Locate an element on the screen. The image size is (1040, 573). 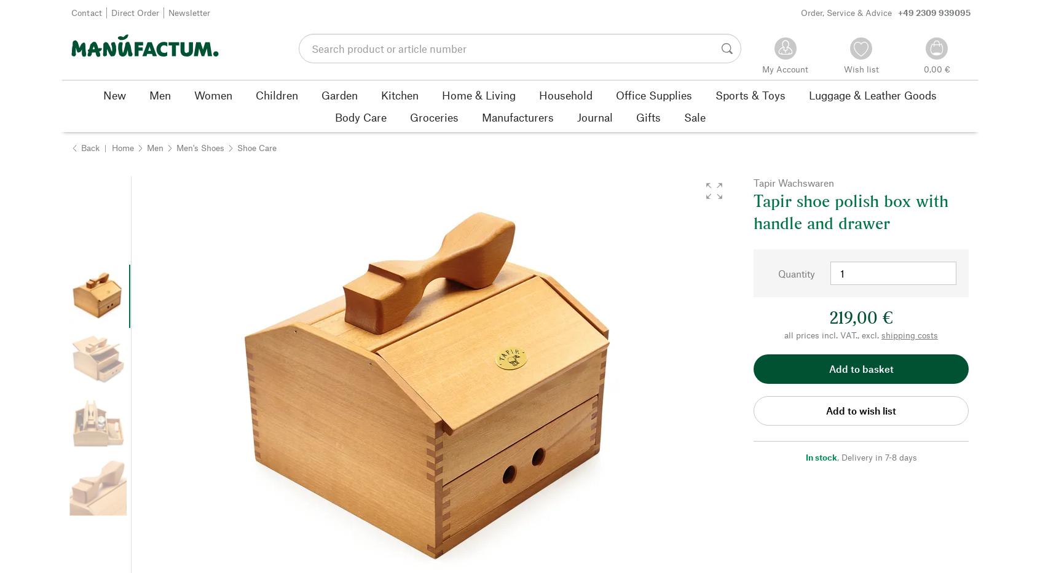
'Tapir shoe polish box with handle and drawer' is located at coordinates (754, 210).